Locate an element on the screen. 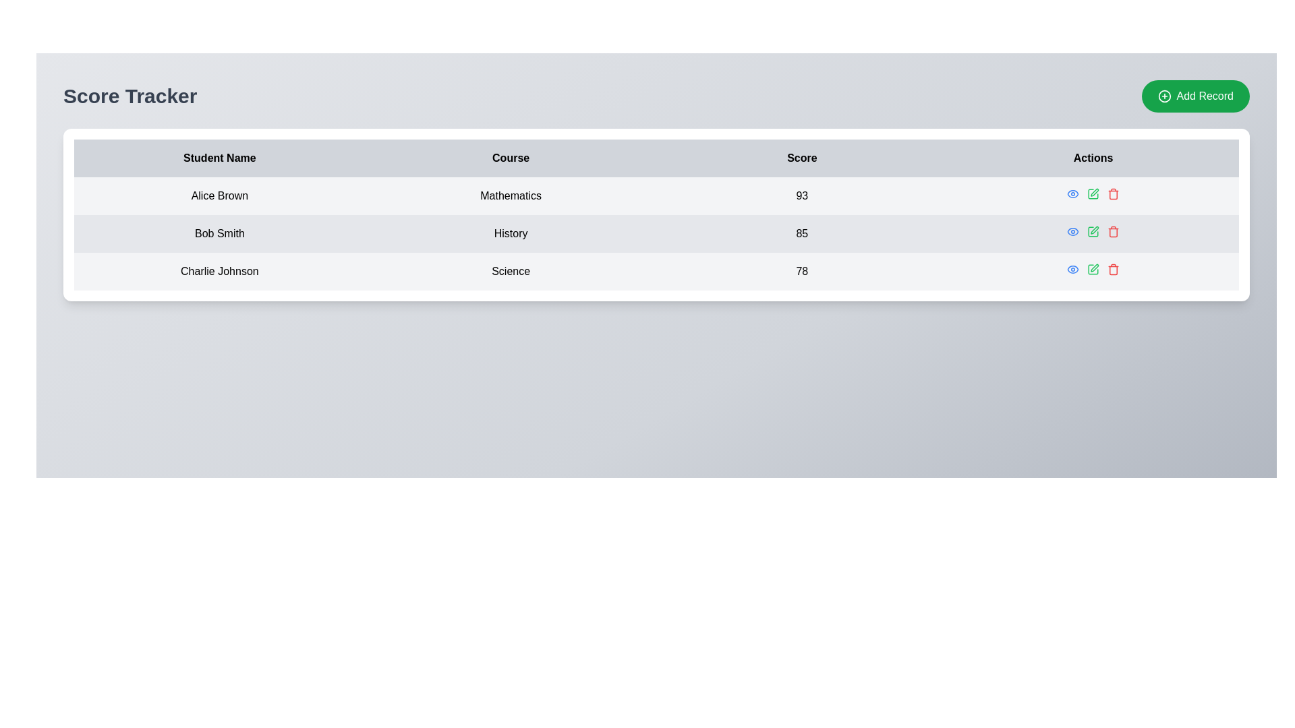 This screenshot has width=1295, height=728. the text label displaying 'Charlie Johnson' in the 'Student Name' column, which is located in the third row of the student information table is located at coordinates (219, 271).